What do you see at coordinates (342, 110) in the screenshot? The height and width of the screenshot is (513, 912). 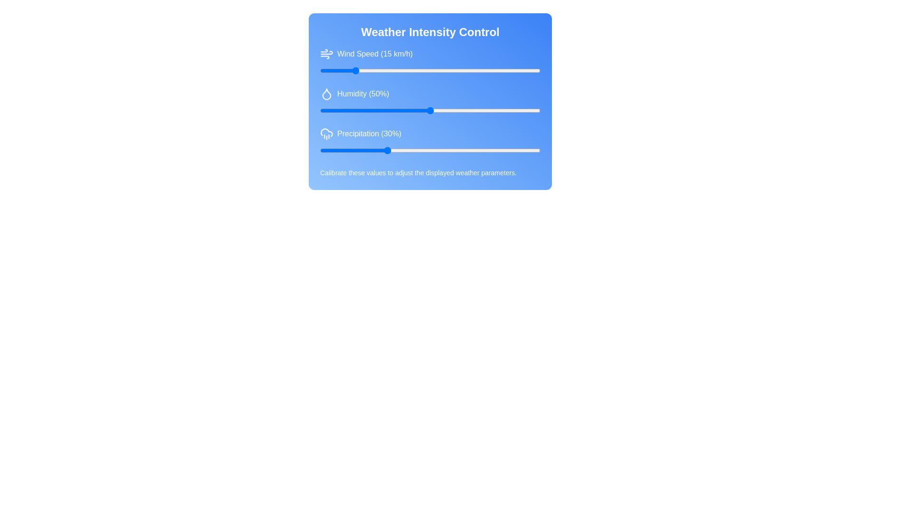 I see `the humidity` at bounding box center [342, 110].